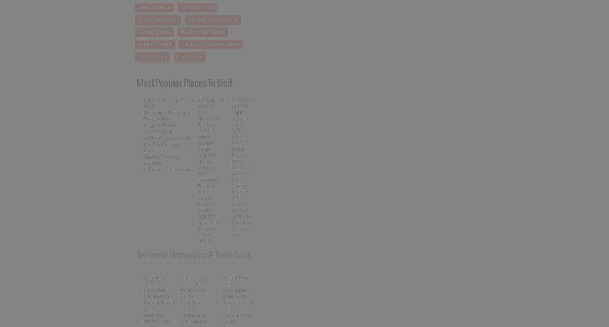 This screenshot has height=327, width=609. What do you see at coordinates (207, 124) in the screenshot?
I see `'Mount Isa Tourism  Australia'` at bounding box center [207, 124].